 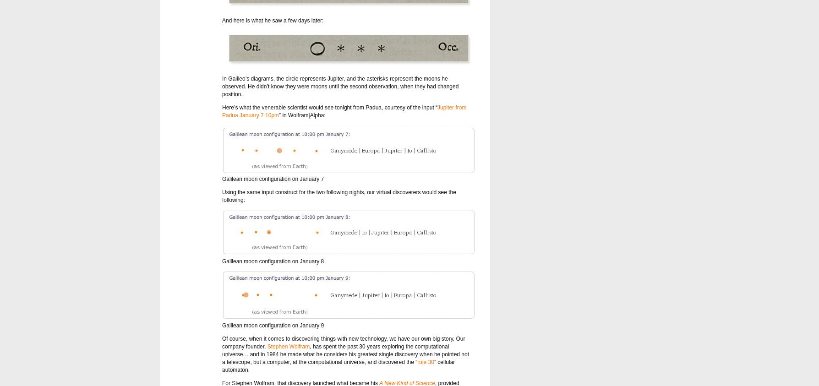 I want to click on 'In Galileo’s diagrams, the circle represents Jupiter, and the asterisks represent the moons he observed. He didn’t know they were moons until the second observation, when they had changed position.', so click(x=339, y=87).